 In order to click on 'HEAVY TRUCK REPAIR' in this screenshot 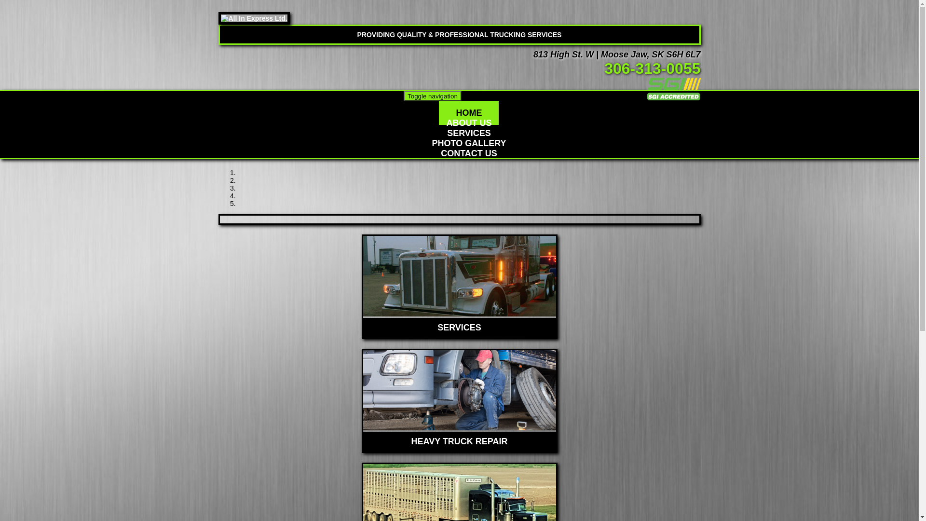, I will do `click(362, 438)`.